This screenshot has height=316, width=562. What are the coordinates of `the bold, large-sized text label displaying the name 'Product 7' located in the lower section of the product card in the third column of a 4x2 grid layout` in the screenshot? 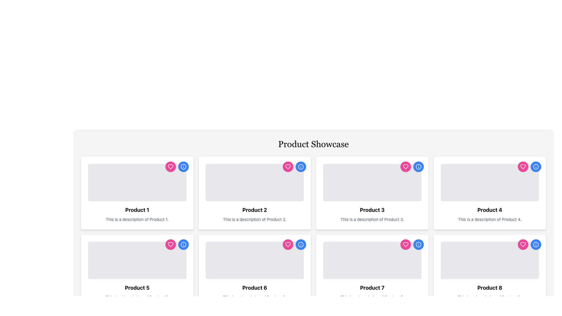 It's located at (372, 287).